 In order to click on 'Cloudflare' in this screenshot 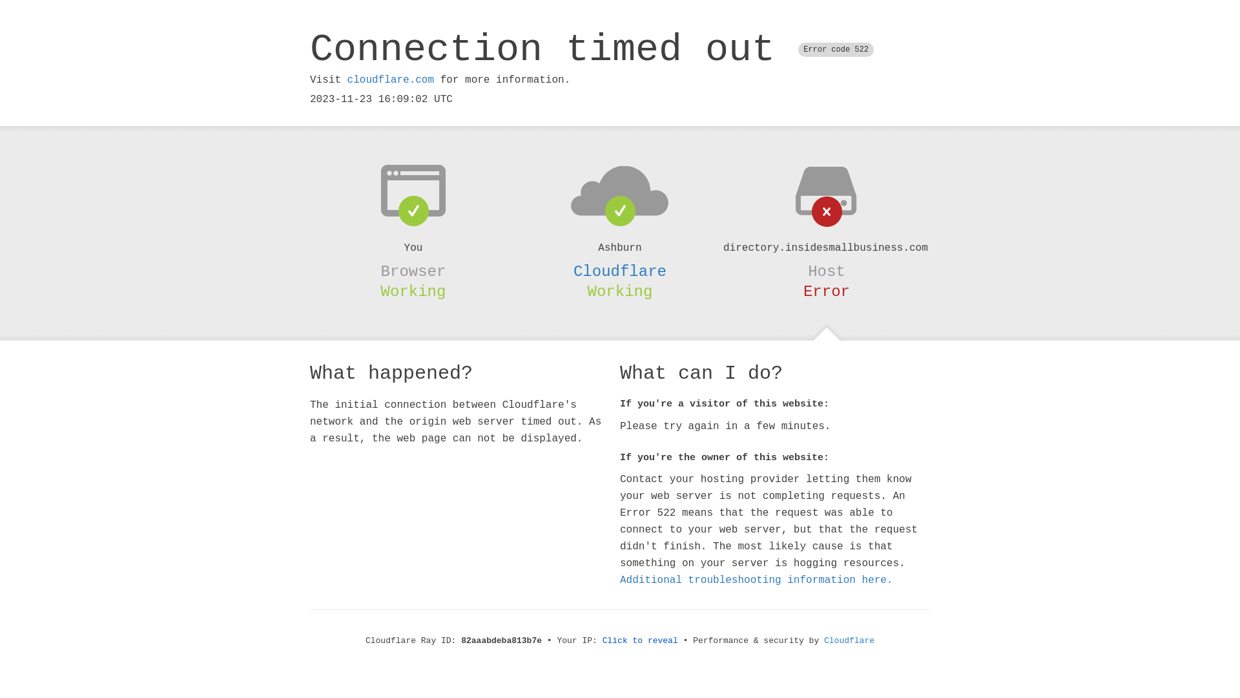, I will do `click(620, 271)`.